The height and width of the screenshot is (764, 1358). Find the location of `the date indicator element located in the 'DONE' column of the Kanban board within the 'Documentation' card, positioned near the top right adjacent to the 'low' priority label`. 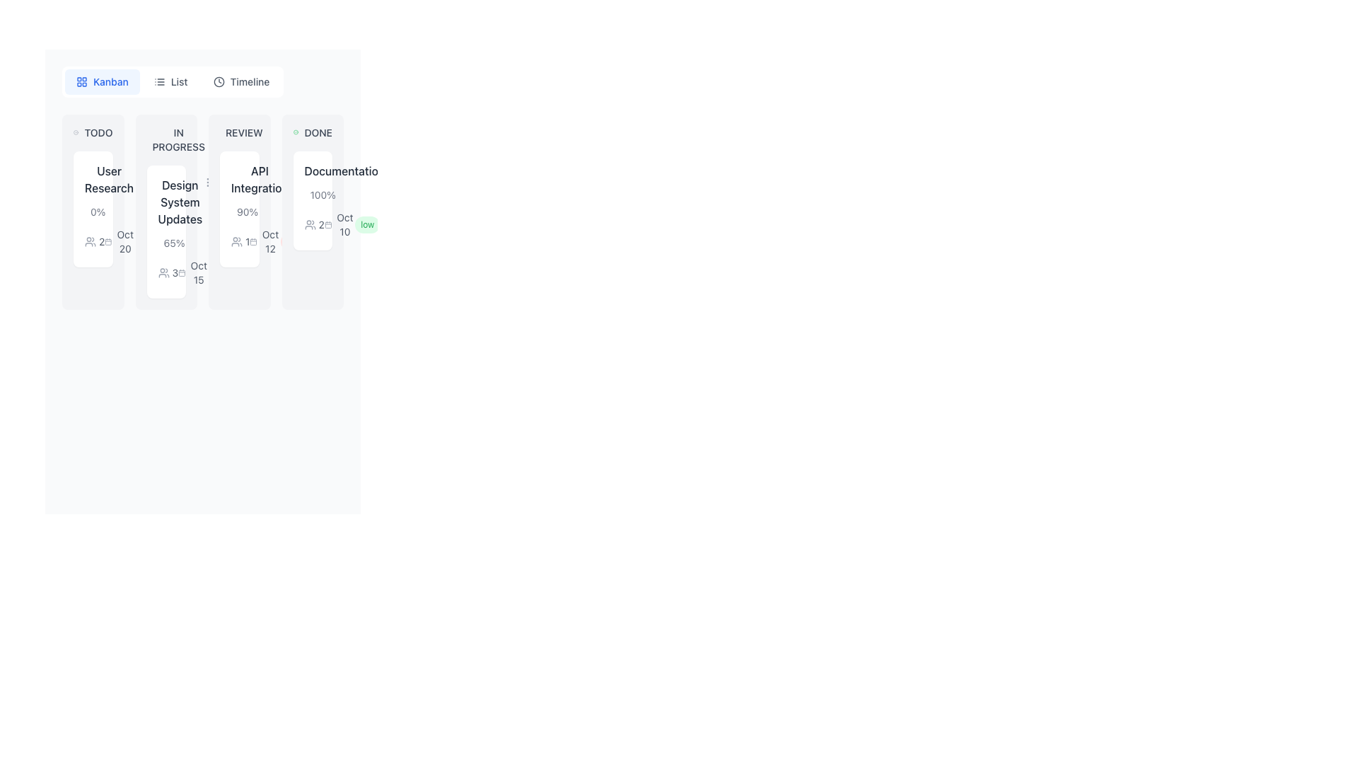

the date indicator element located in the 'DONE' column of the Kanban board within the 'Documentation' card, positioned near the top right adjacent to the 'low' priority label is located at coordinates (339, 224).